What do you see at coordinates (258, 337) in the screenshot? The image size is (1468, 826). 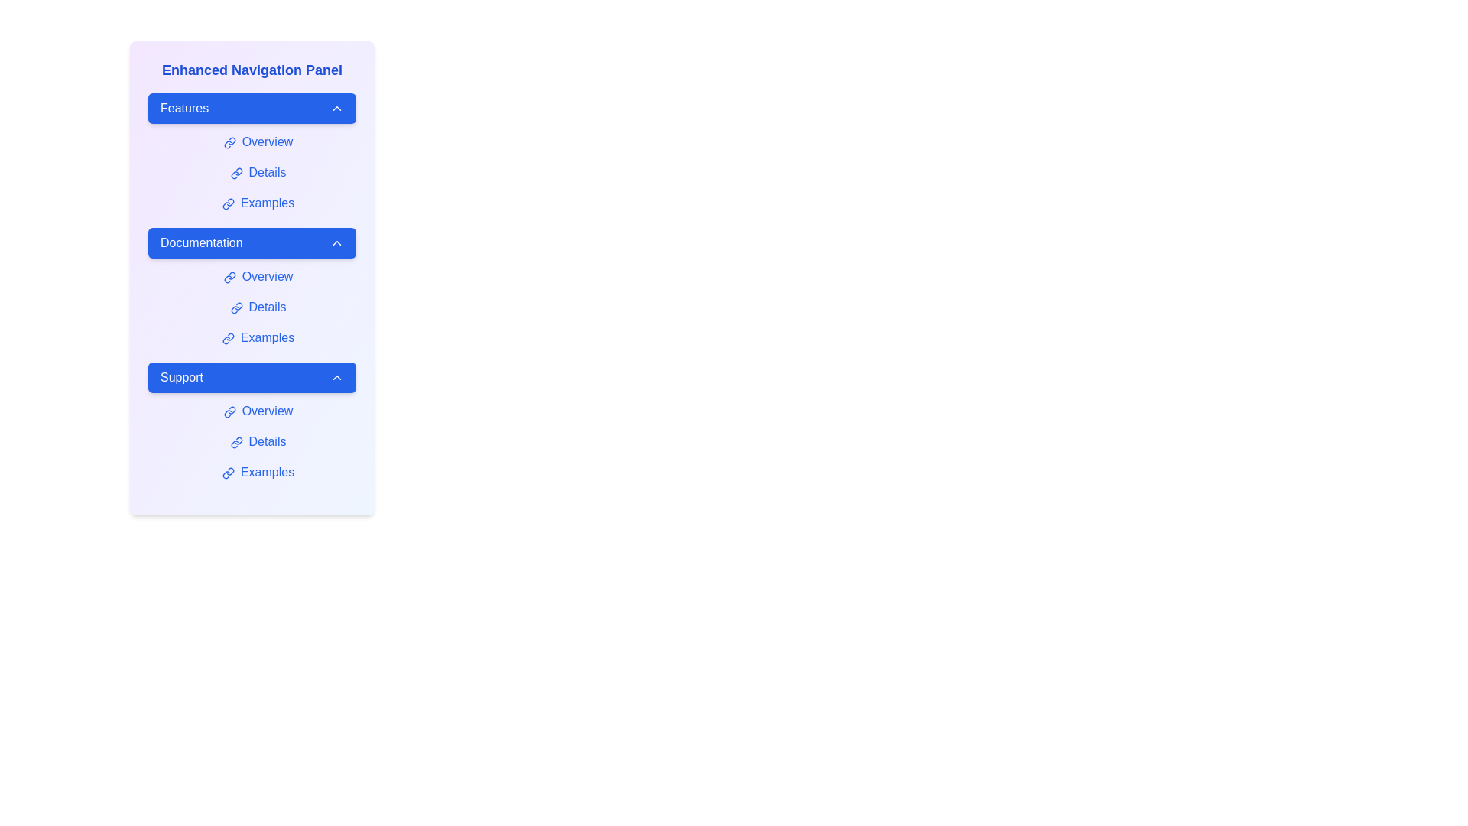 I see `the 'Examples' hyperlink in the 'Documentation' section` at bounding box center [258, 337].